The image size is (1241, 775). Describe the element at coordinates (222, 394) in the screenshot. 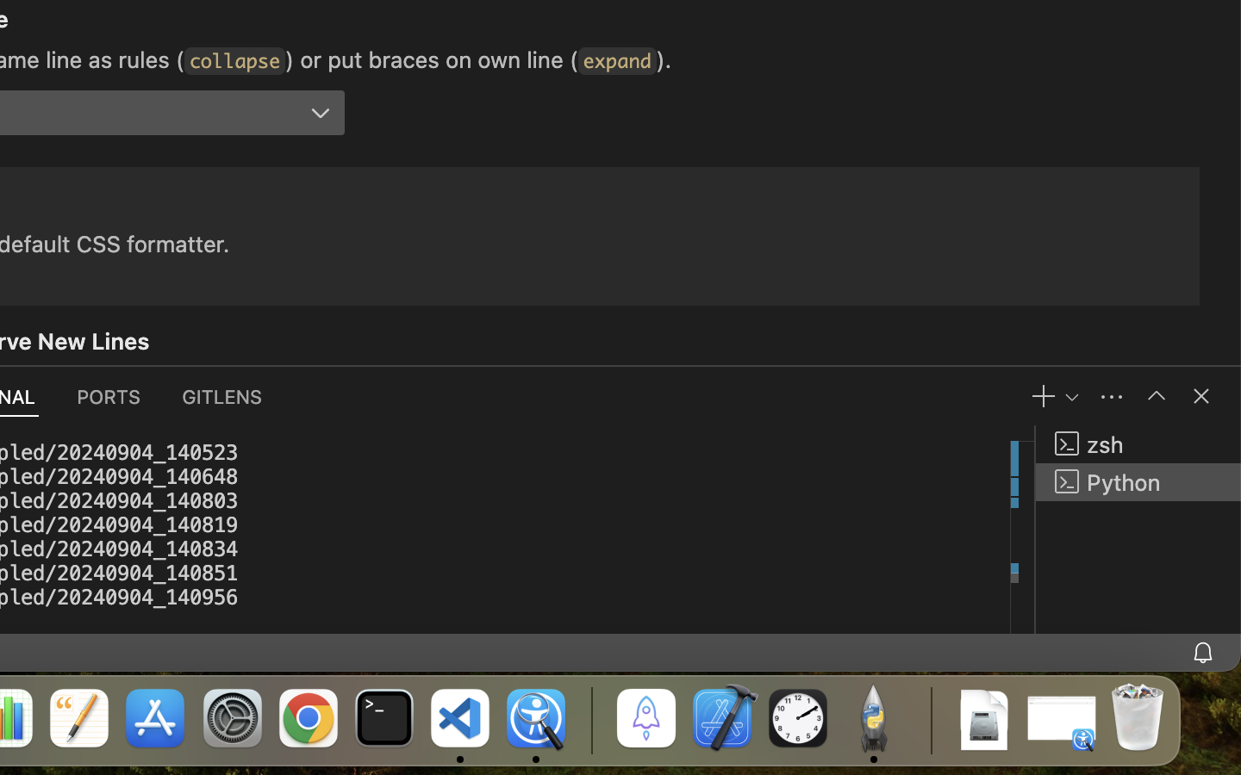

I see `'0 GITLENS'` at that location.